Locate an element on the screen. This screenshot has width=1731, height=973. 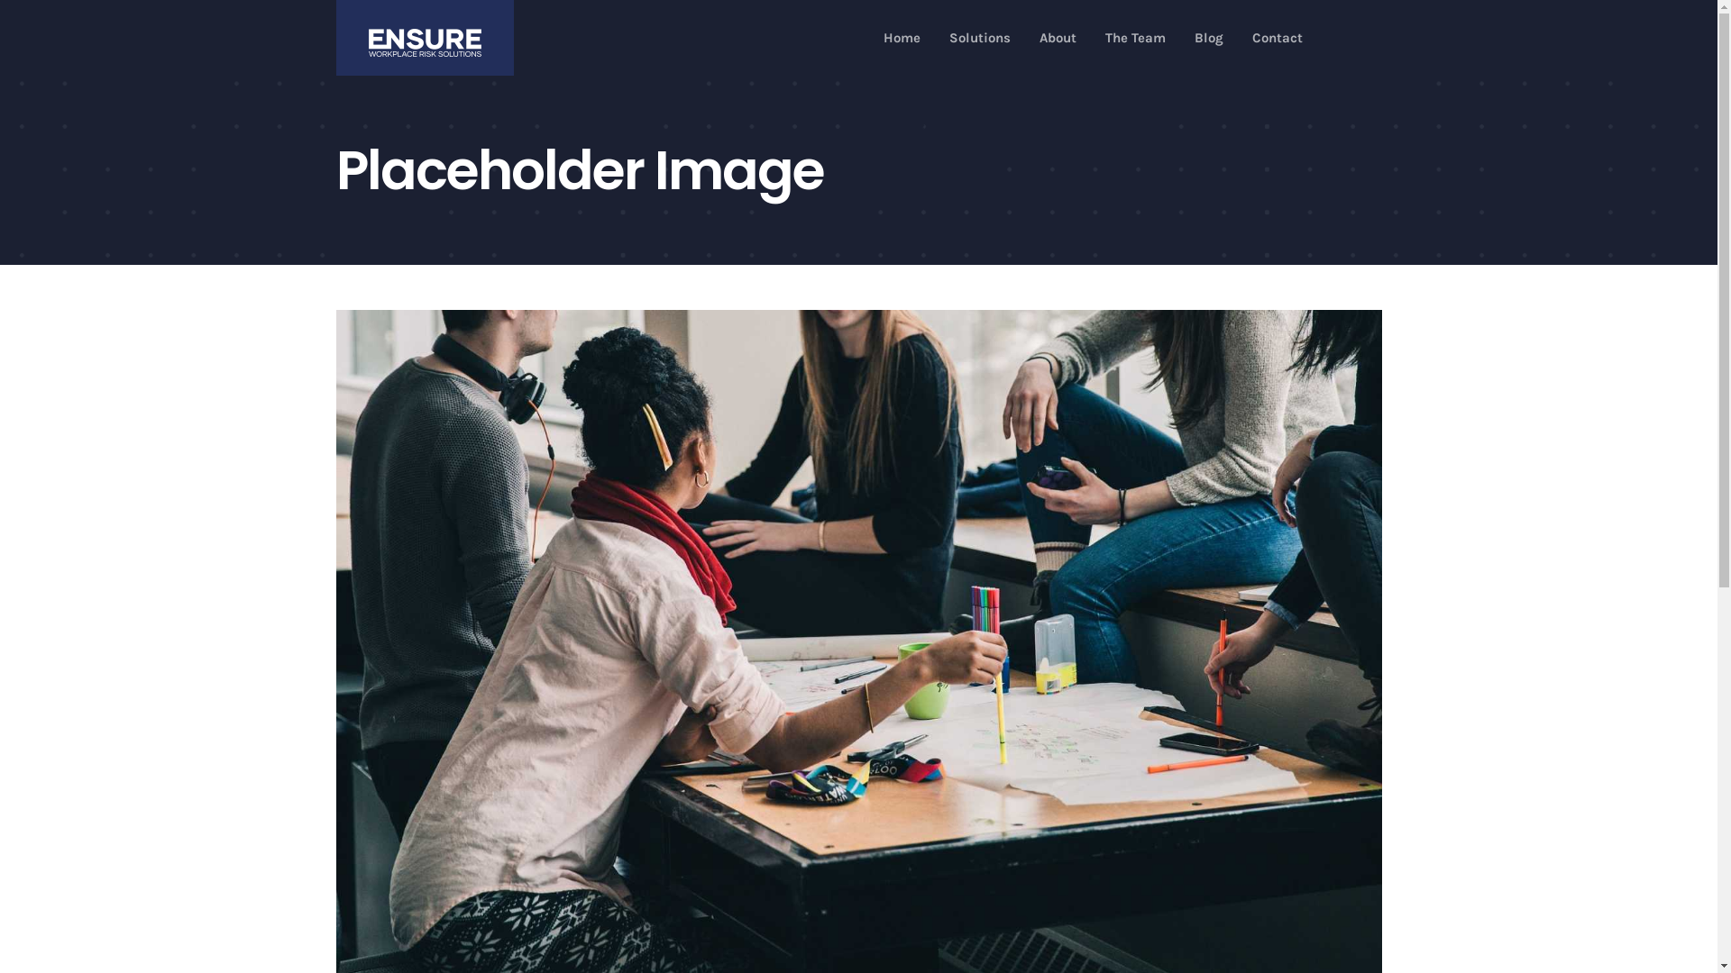
'Solutions' is located at coordinates (978, 38).